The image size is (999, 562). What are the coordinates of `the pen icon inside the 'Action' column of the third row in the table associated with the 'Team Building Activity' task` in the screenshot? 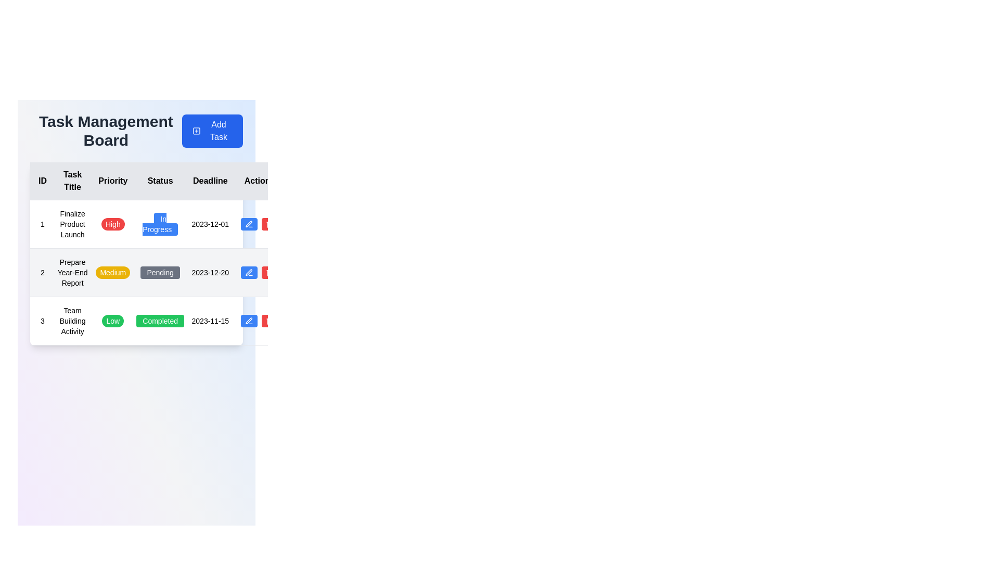 It's located at (249, 321).